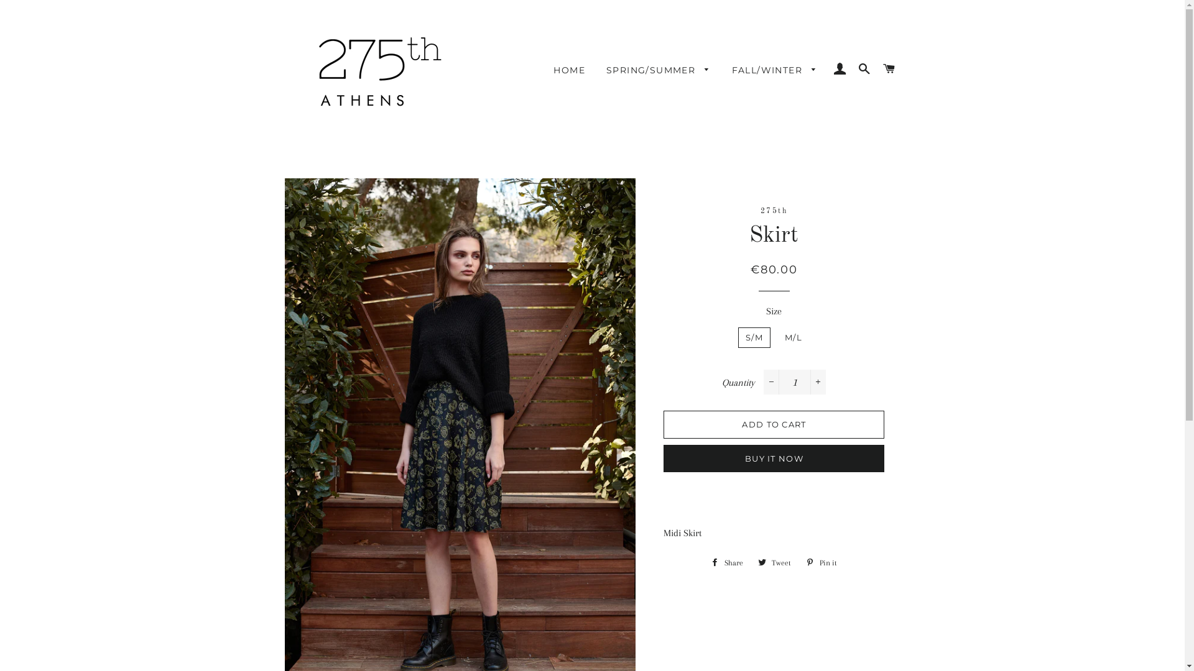 The width and height of the screenshot is (1194, 671). I want to click on 'ADD TO CART', so click(773, 423).